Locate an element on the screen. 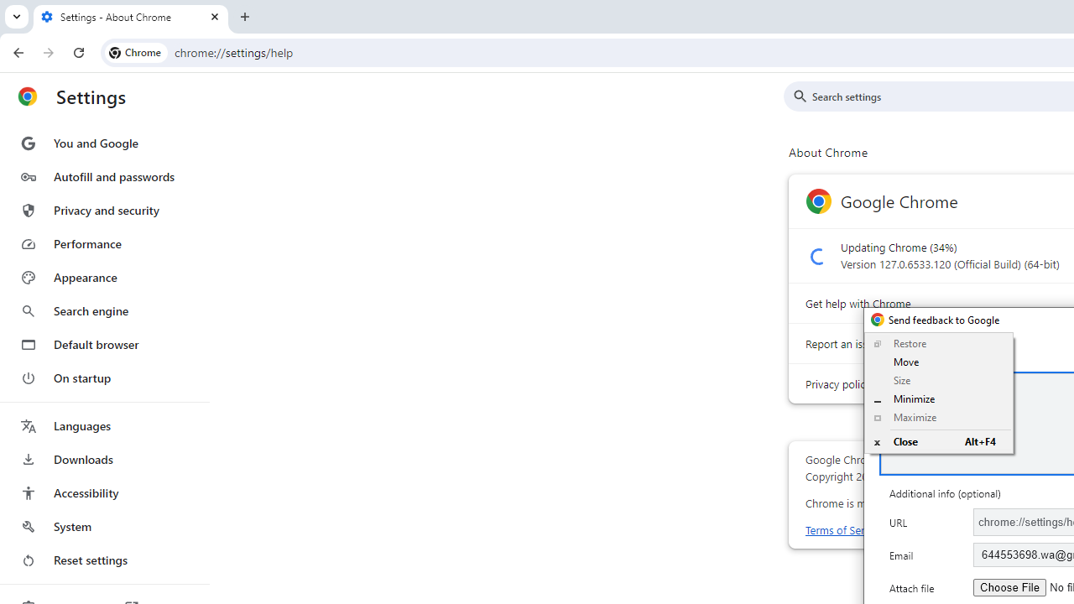  'Accessibility' is located at coordinates (103, 492).